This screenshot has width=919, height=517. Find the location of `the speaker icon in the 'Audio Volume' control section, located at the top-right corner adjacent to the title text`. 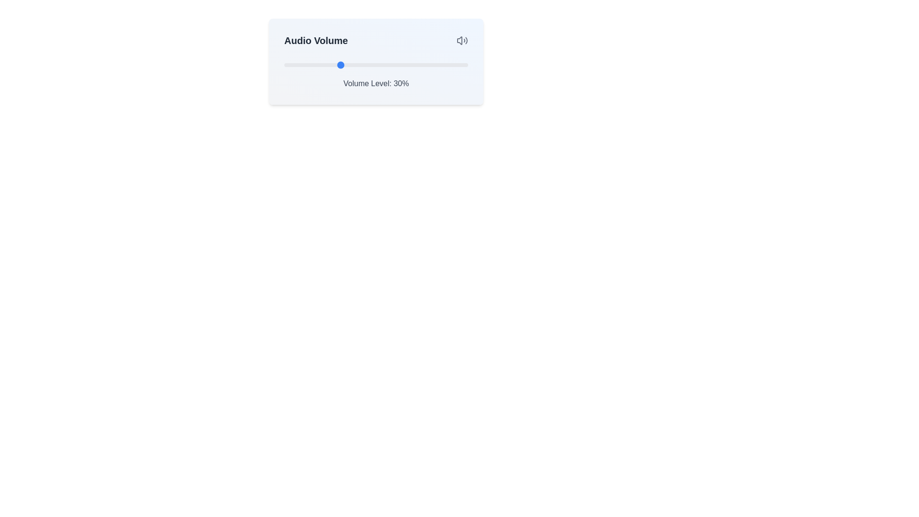

the speaker icon in the 'Audio Volume' control section, located at the top-right corner adjacent to the title text is located at coordinates (462, 40).